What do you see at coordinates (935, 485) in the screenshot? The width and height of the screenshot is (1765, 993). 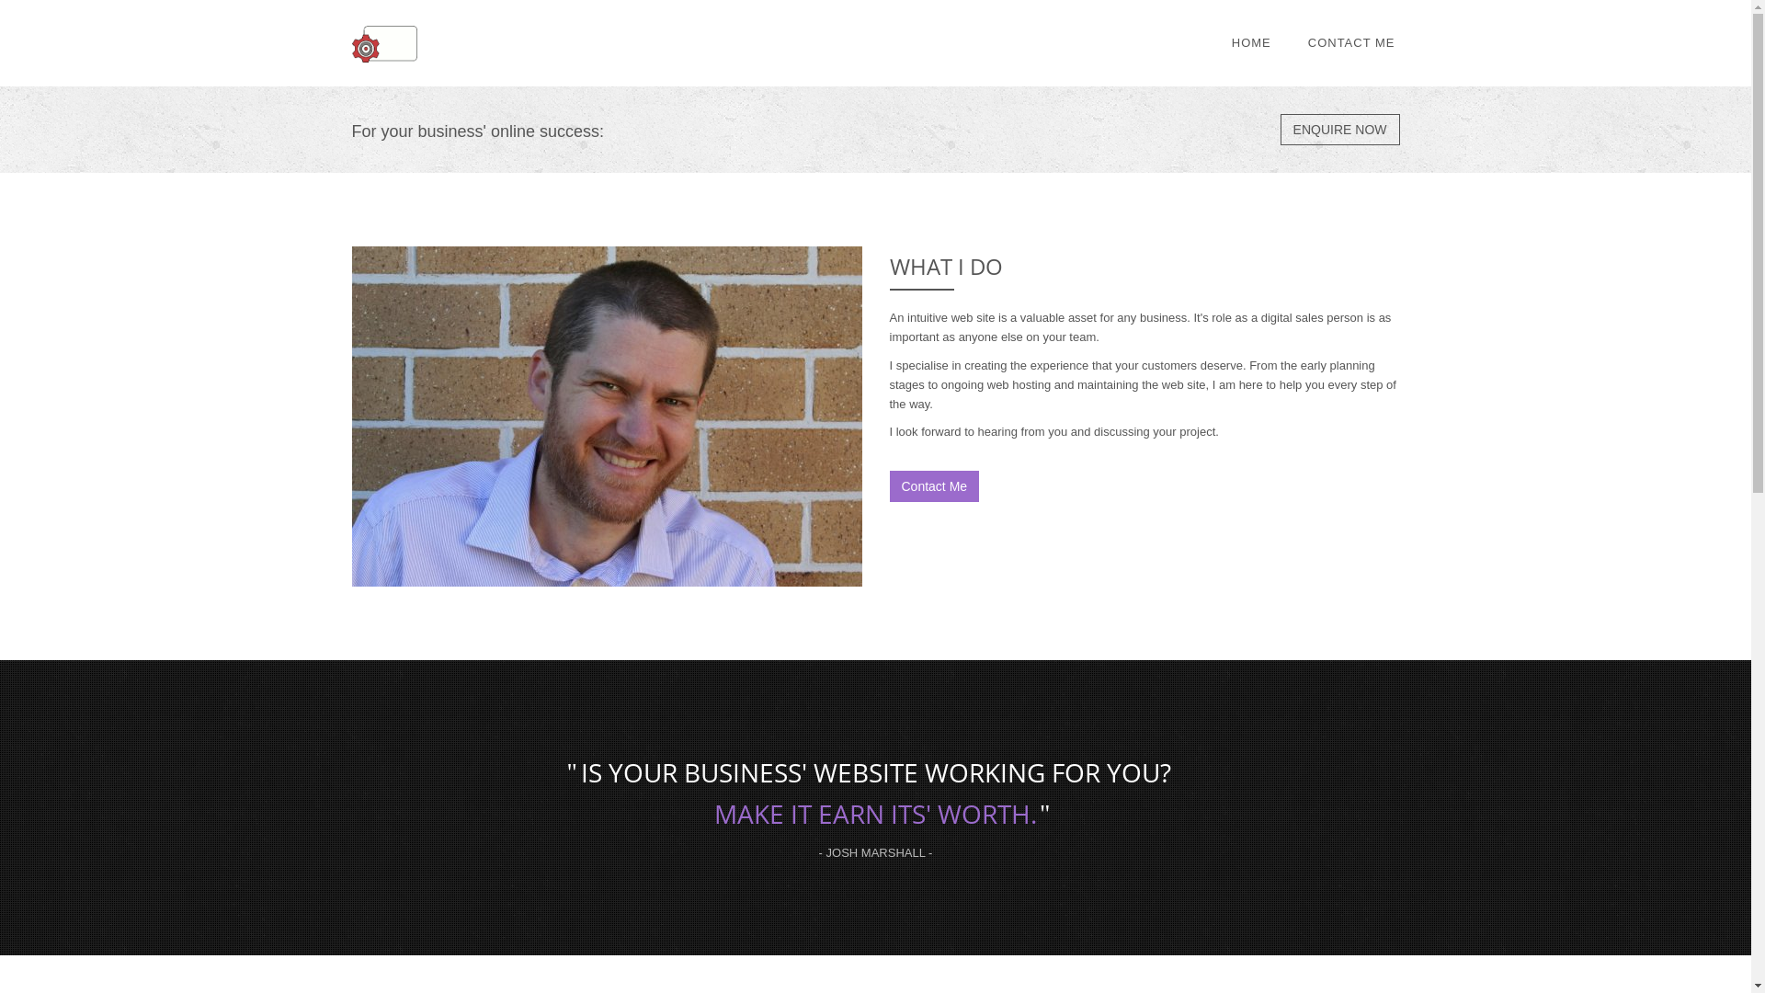 I see `'Contact Me'` at bounding box center [935, 485].